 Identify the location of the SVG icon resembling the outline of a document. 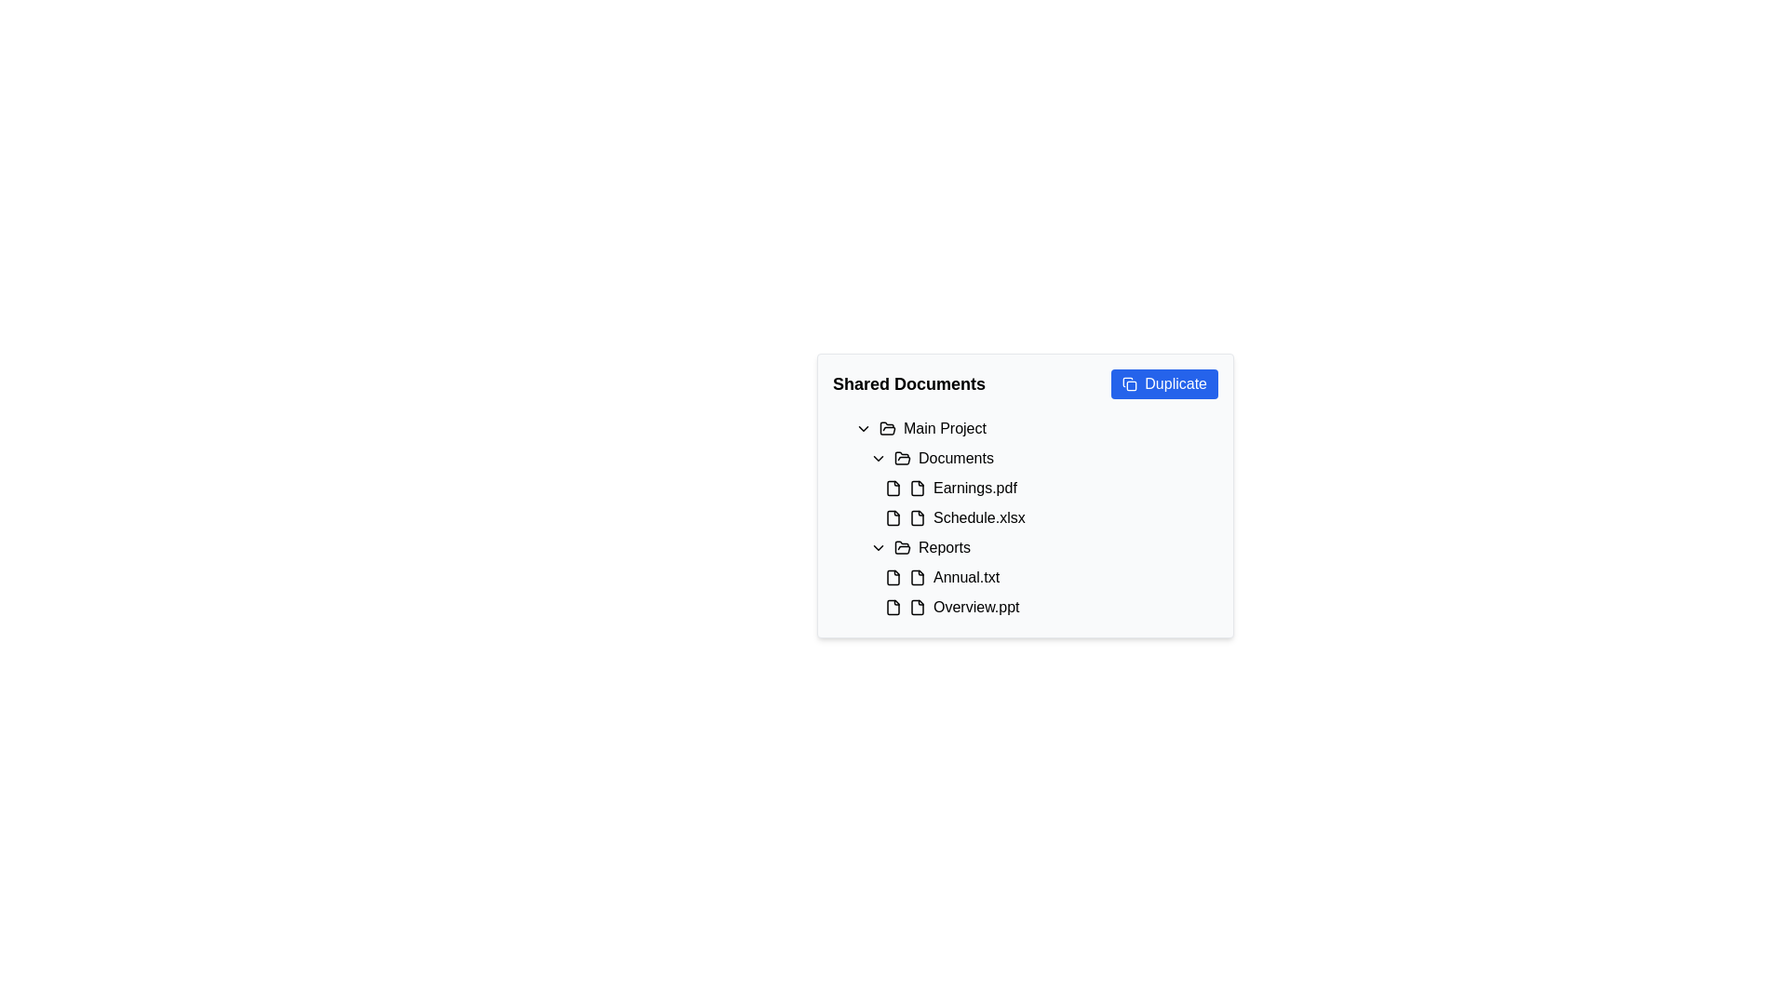
(917, 517).